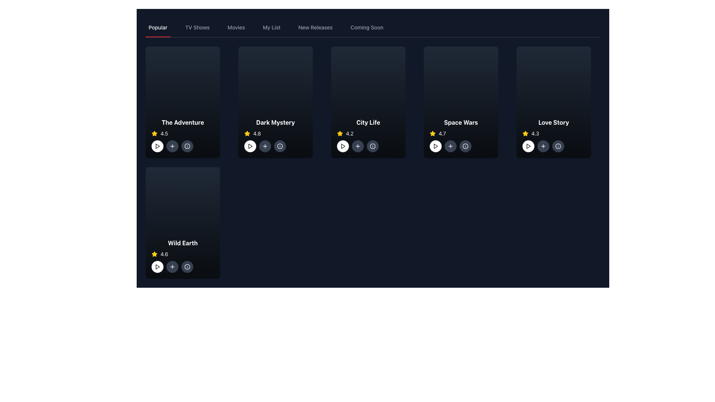 This screenshot has height=402, width=715. I want to click on the 'Popular' text link in the navigation menu, so click(158, 27).